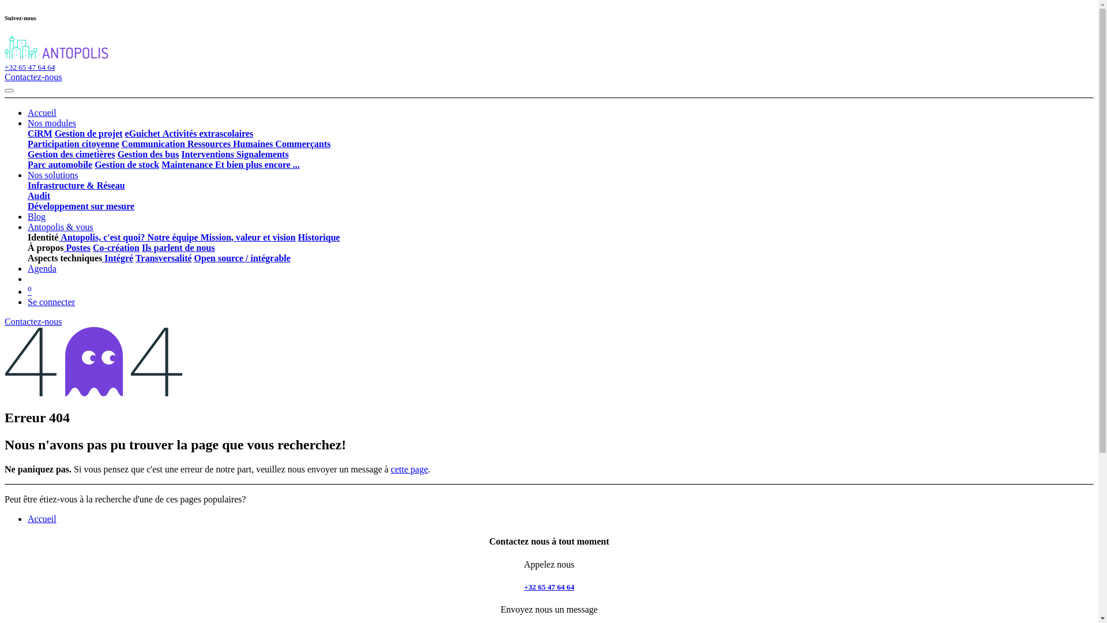  I want to click on 'Nos modules', so click(51, 123).